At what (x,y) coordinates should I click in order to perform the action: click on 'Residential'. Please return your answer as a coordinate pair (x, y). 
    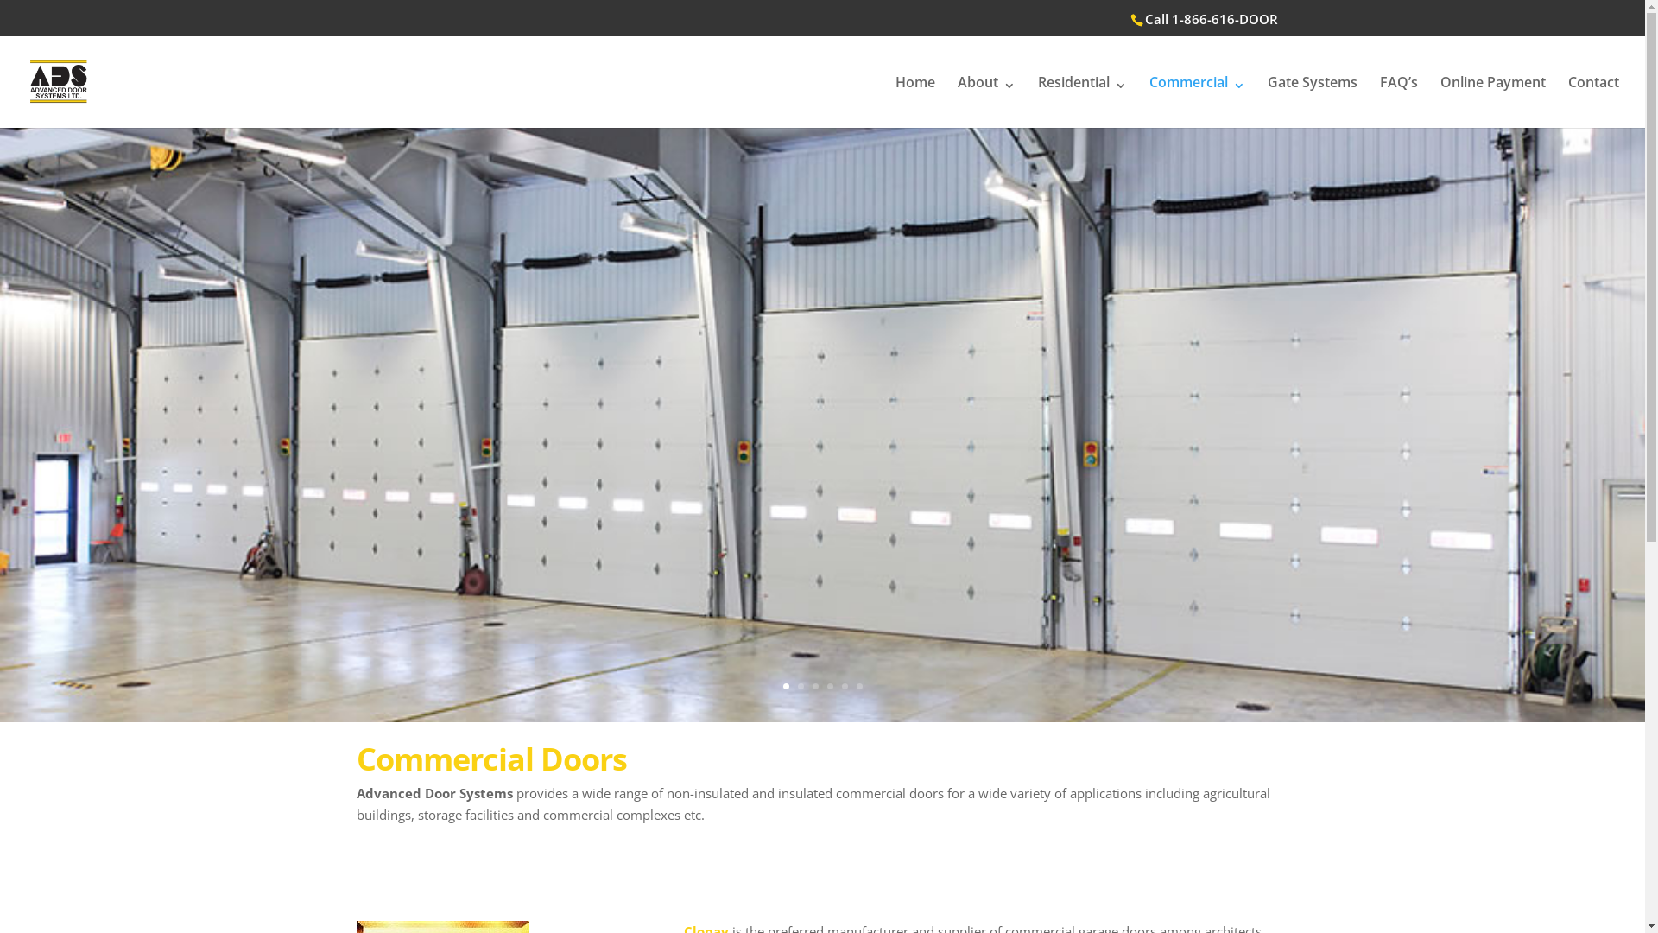
    Looking at the image, I should click on (1081, 102).